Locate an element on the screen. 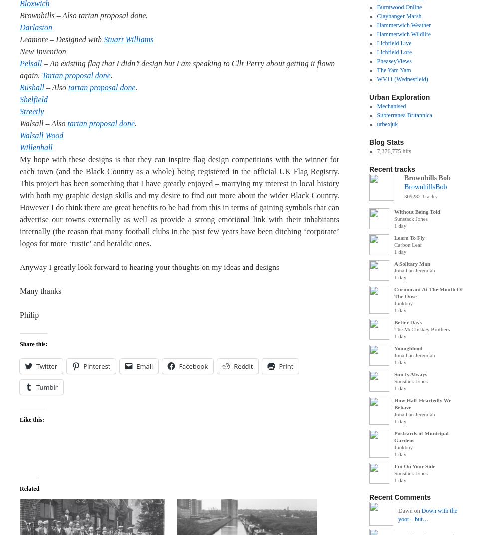  'Many thanks' is located at coordinates (40, 290).